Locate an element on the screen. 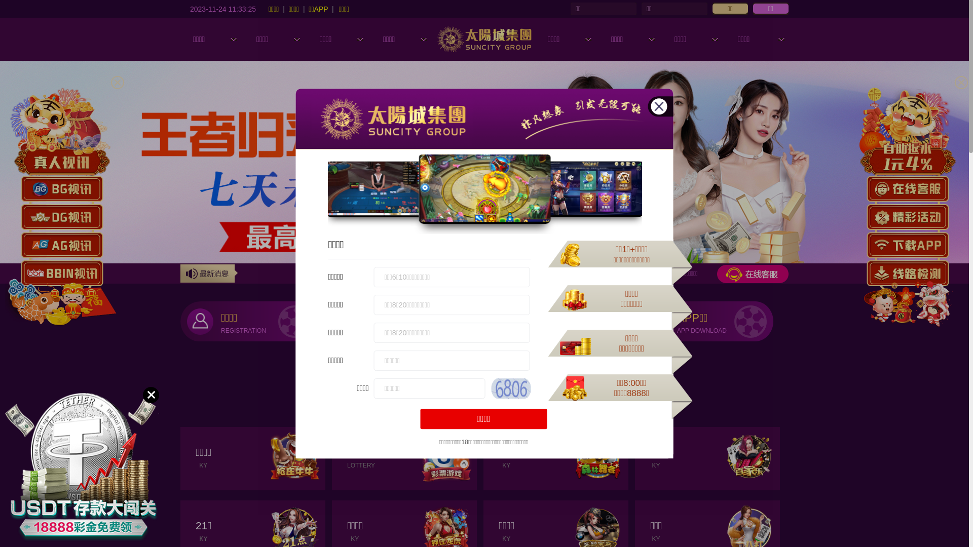  '2023-11-24 11:33:23' is located at coordinates (190, 8).